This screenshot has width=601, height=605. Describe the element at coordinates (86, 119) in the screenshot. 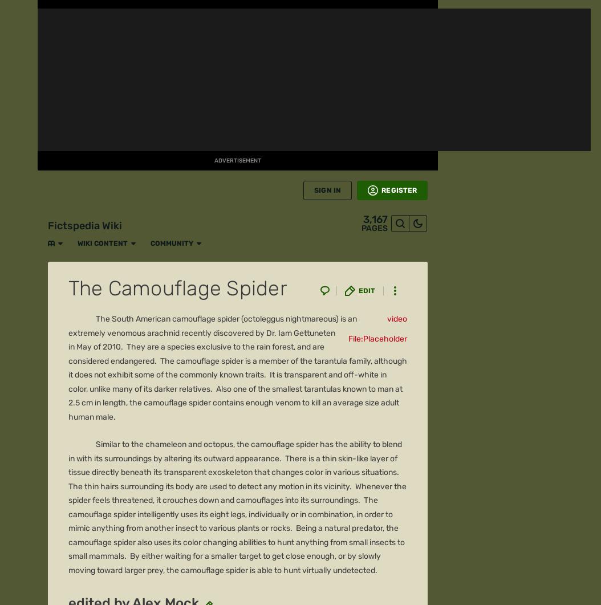

I see `'1'` at that location.